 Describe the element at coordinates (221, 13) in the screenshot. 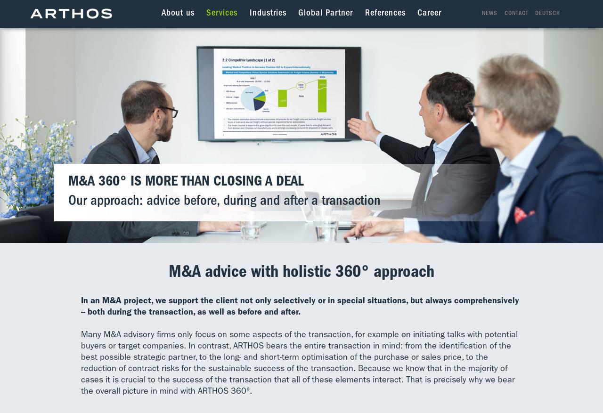

I see `'Services'` at that location.